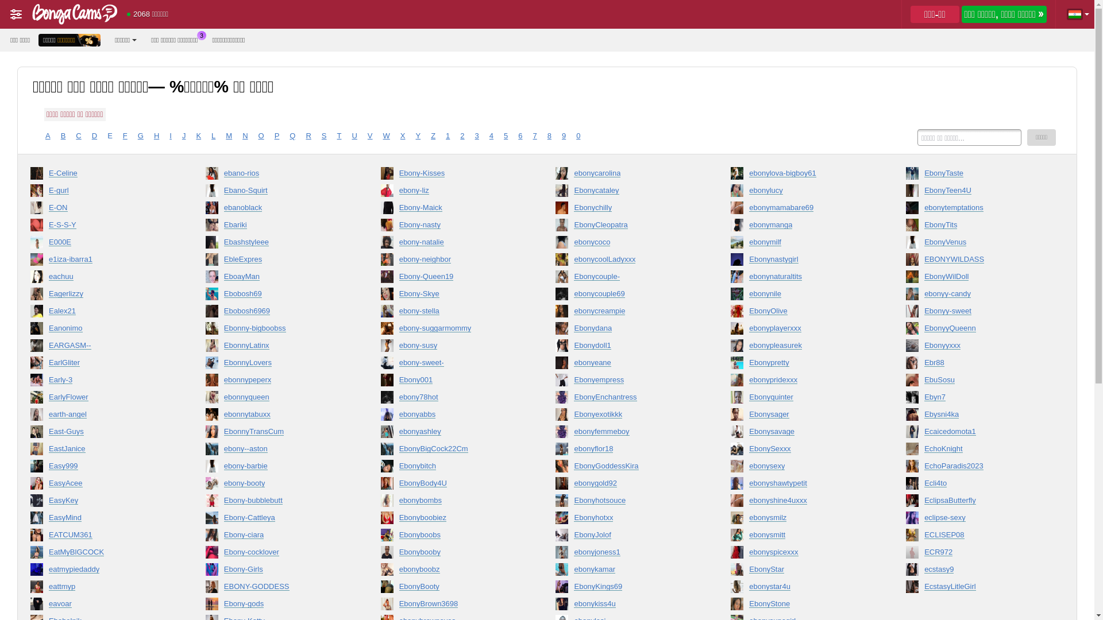 The image size is (1103, 620). What do you see at coordinates (518, 135) in the screenshot?
I see `'6'` at bounding box center [518, 135].